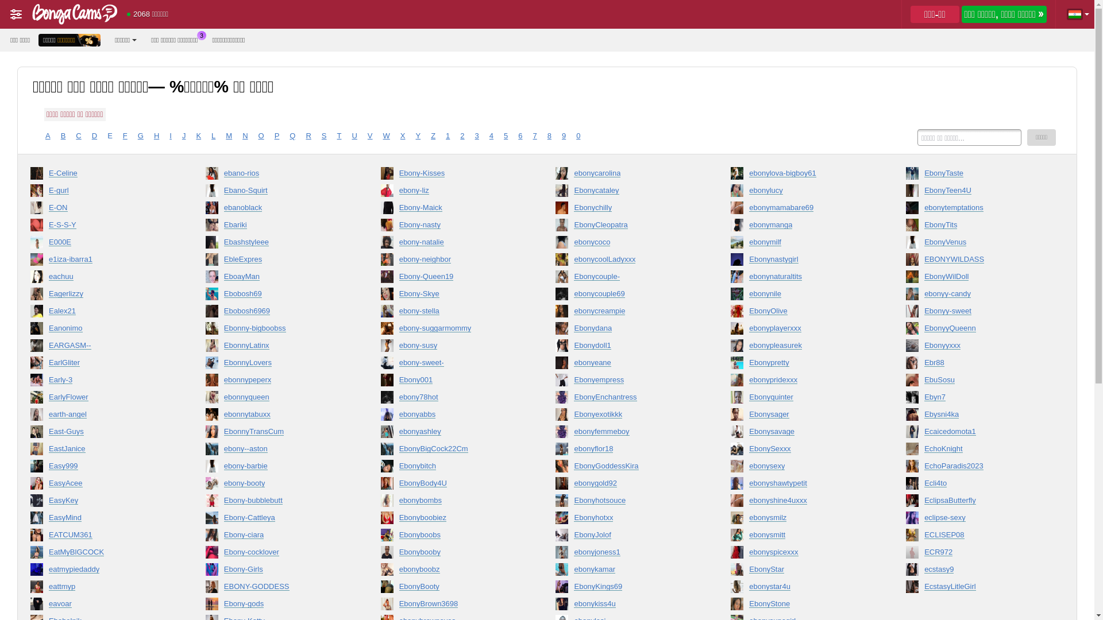 The image size is (1103, 620). What do you see at coordinates (518, 135) in the screenshot?
I see `'6'` at bounding box center [518, 135].